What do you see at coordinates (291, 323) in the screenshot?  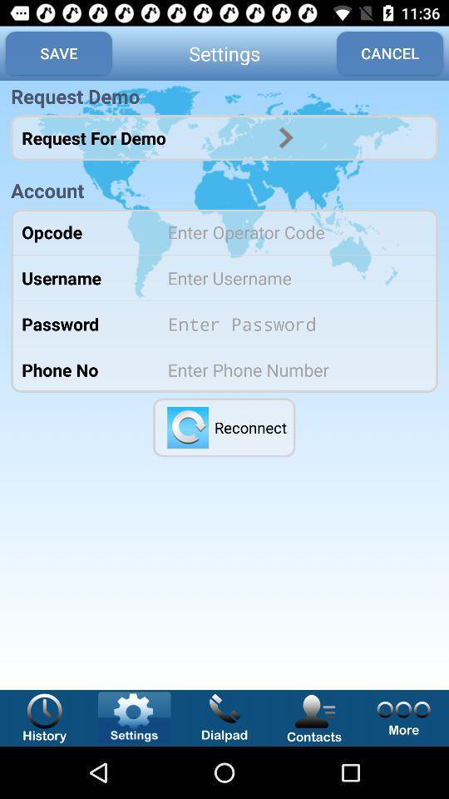 I see `type password` at bounding box center [291, 323].